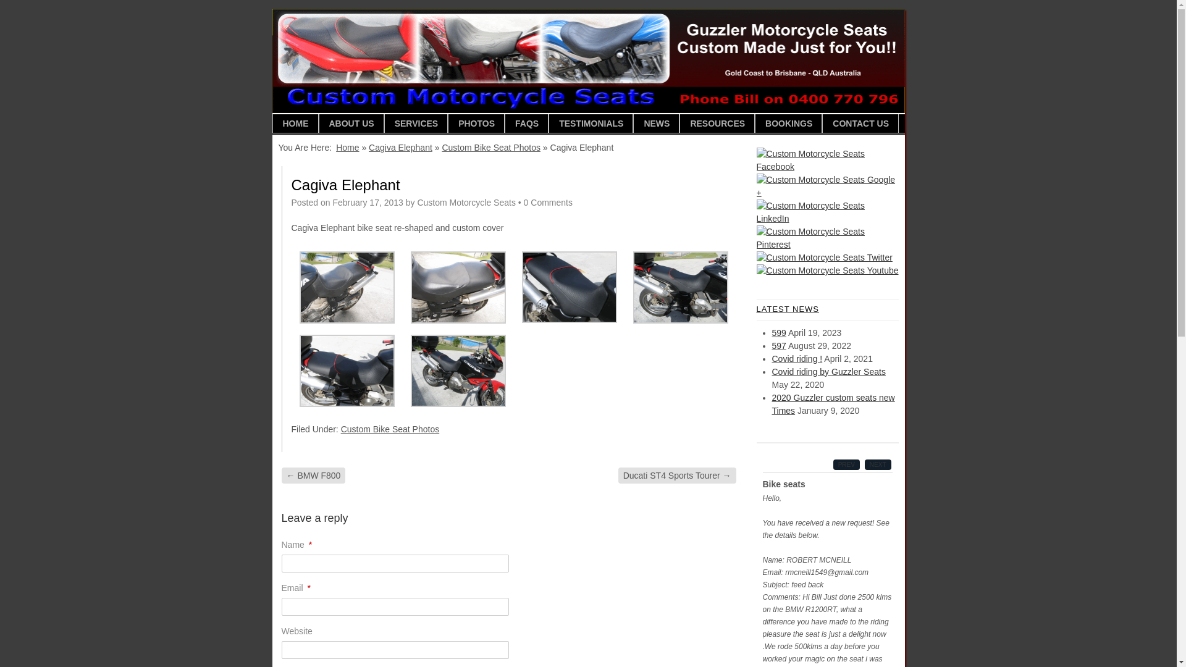 The width and height of the screenshot is (1186, 667). What do you see at coordinates (384, 124) in the screenshot?
I see `'SERVICES'` at bounding box center [384, 124].